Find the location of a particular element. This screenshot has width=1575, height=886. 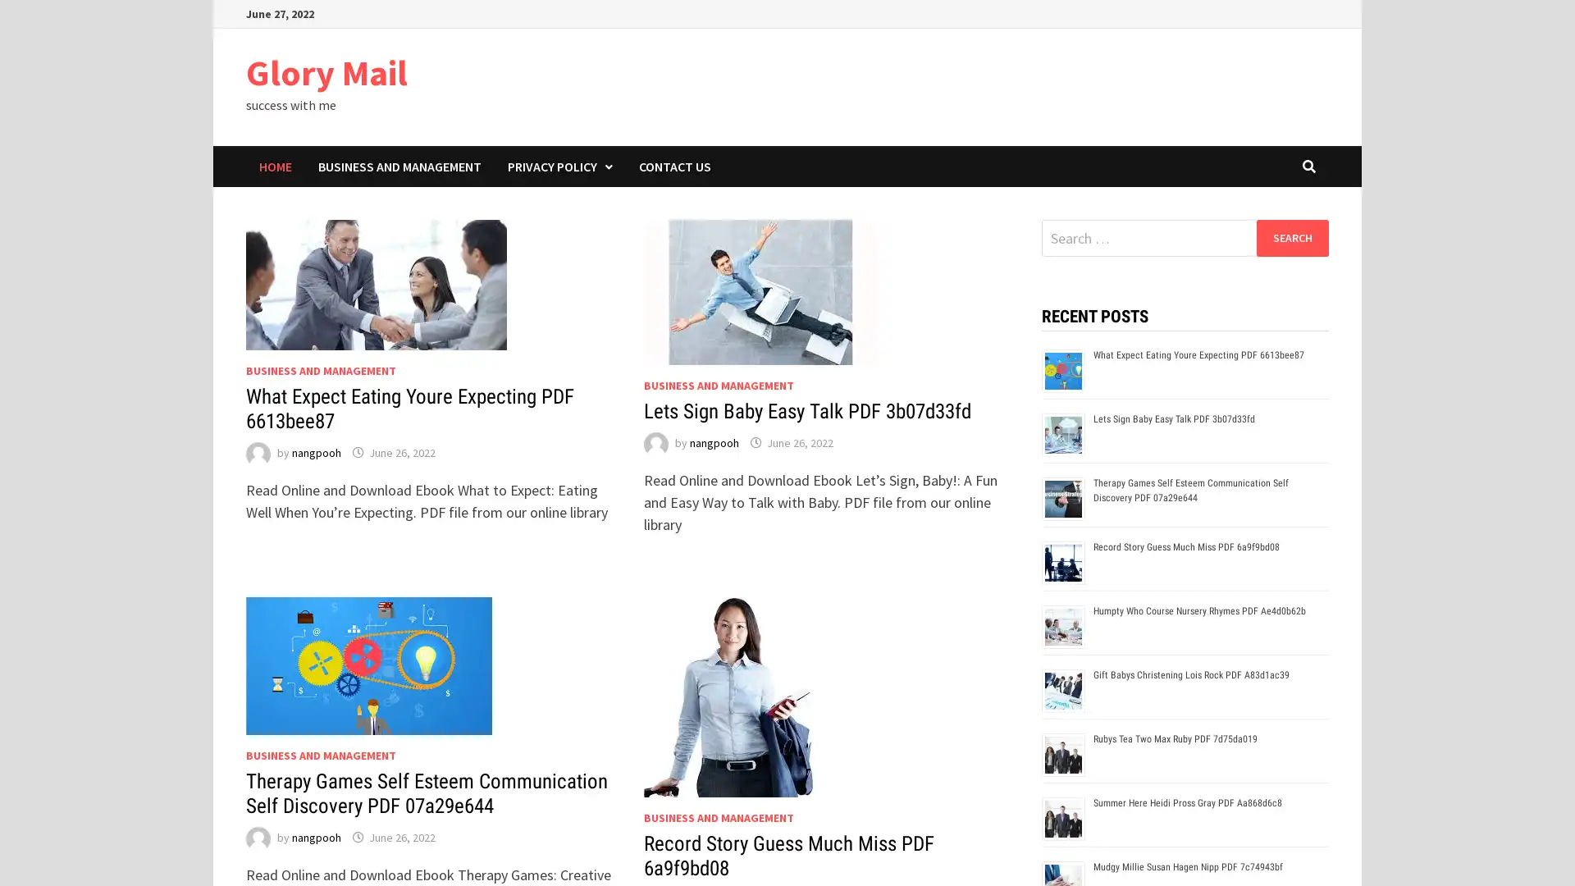

Search is located at coordinates (1291, 237).